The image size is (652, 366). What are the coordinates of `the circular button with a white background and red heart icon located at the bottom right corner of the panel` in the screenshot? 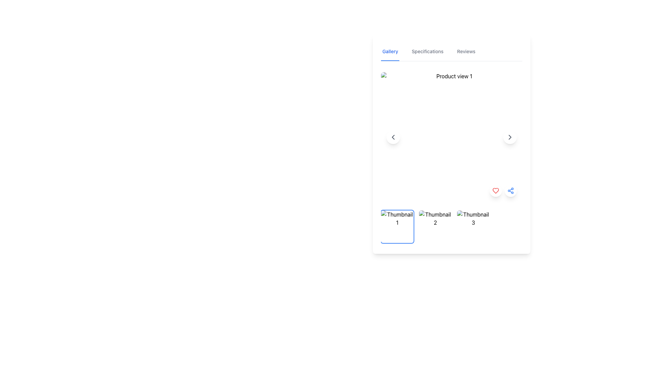 It's located at (495, 191).